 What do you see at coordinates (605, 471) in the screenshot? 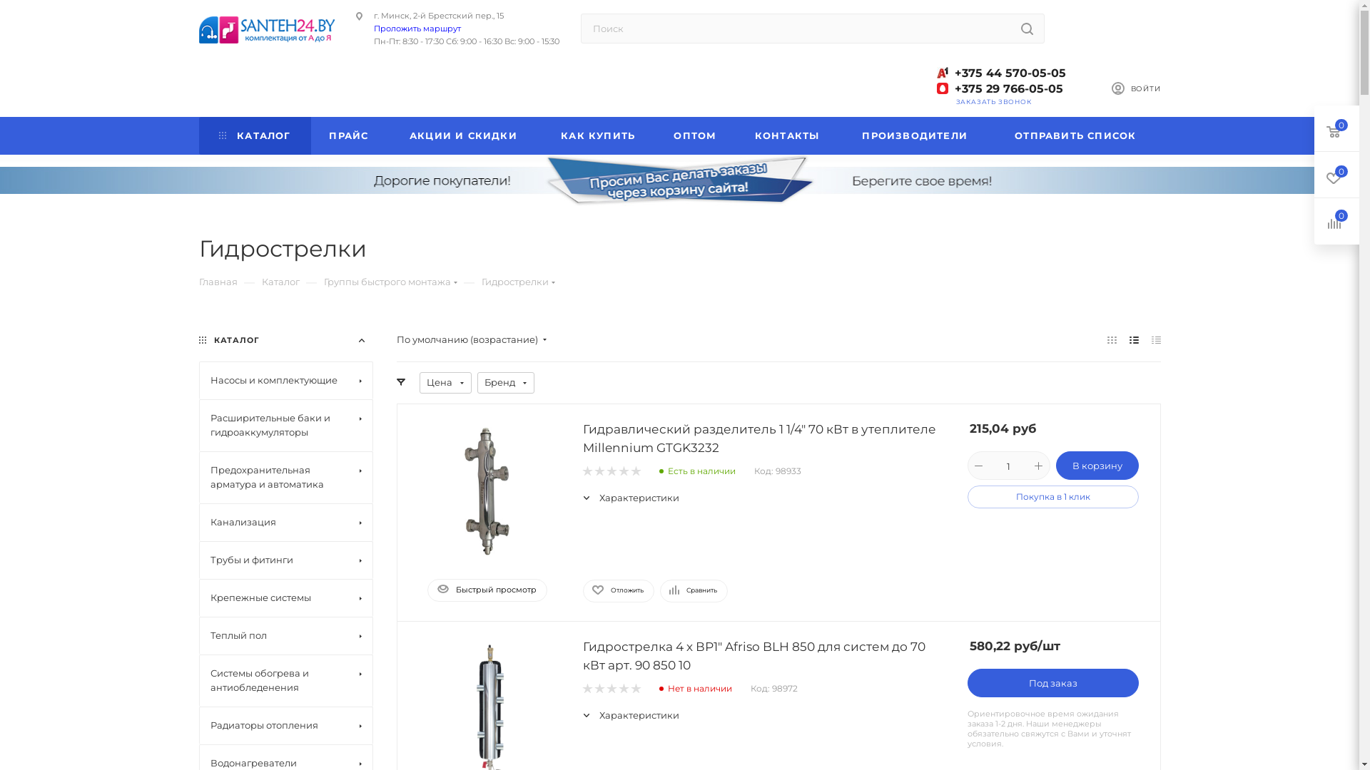
I see `'3'` at bounding box center [605, 471].